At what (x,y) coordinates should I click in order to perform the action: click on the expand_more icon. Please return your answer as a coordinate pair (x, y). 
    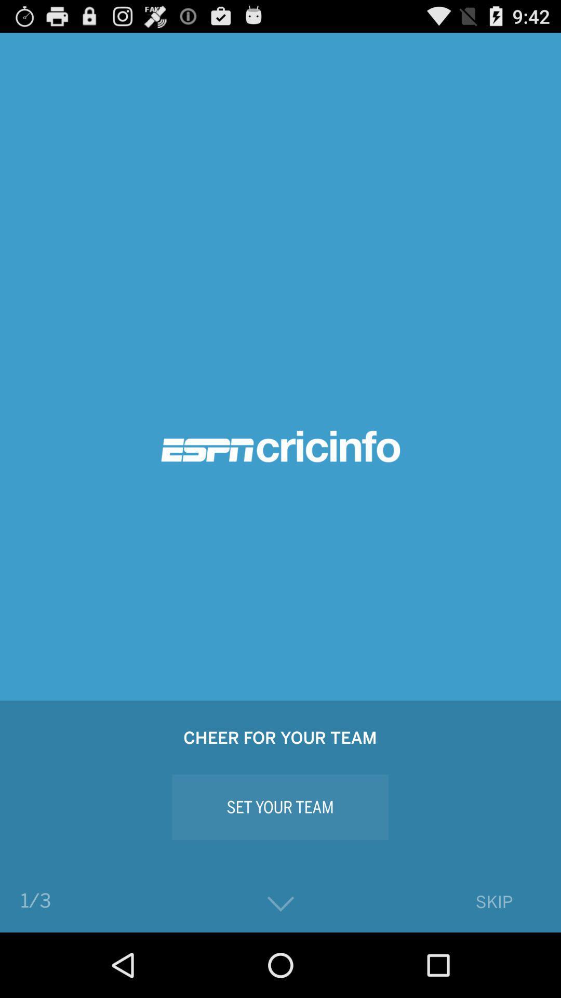
    Looking at the image, I should click on (280, 967).